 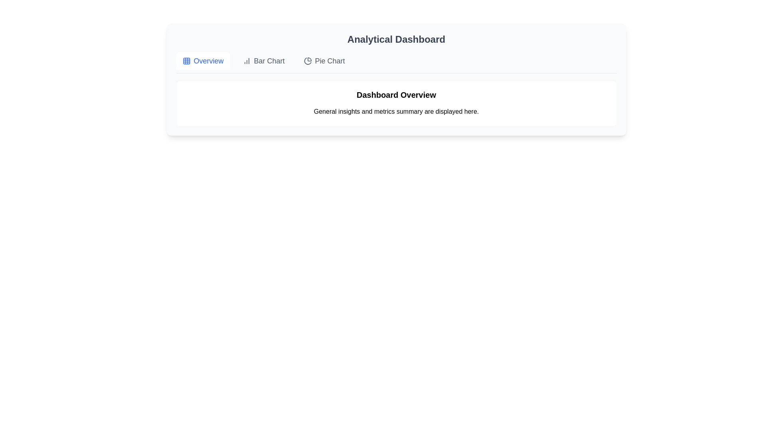 What do you see at coordinates (264, 61) in the screenshot?
I see `the second button in the horizontal menu bar, located between the 'Overview' and 'Pie Chart' tabs` at bounding box center [264, 61].